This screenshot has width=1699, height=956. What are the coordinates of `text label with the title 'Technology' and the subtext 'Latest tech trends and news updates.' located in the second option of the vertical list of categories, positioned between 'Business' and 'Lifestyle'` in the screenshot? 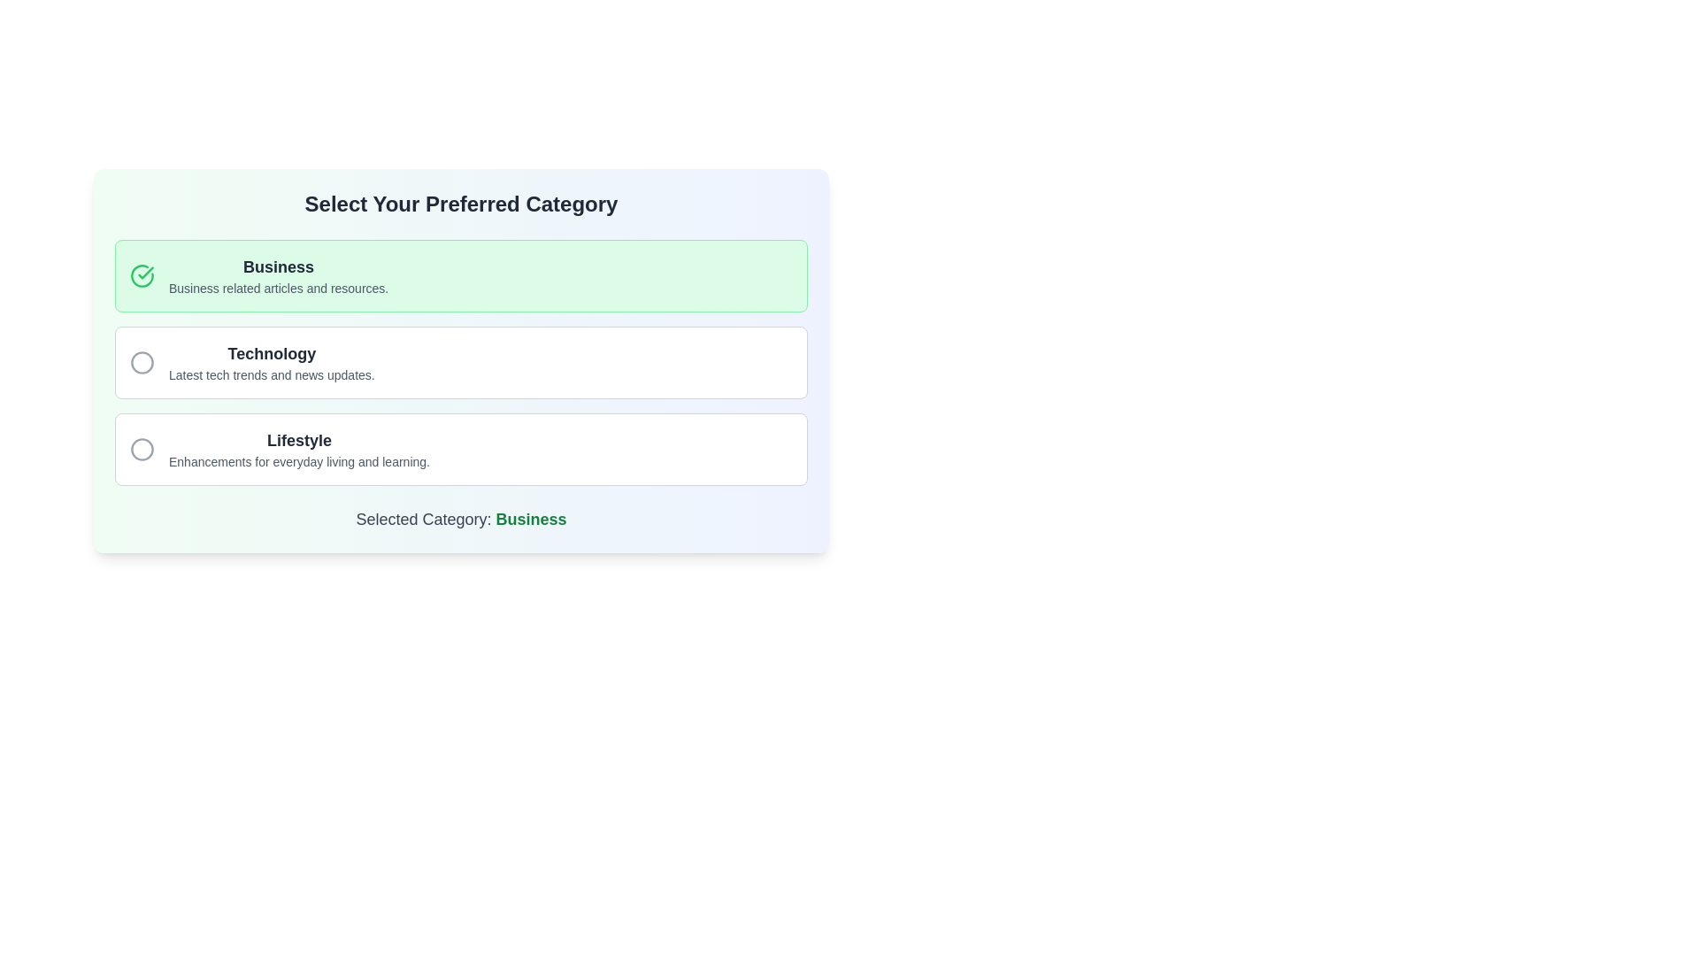 It's located at (271, 361).